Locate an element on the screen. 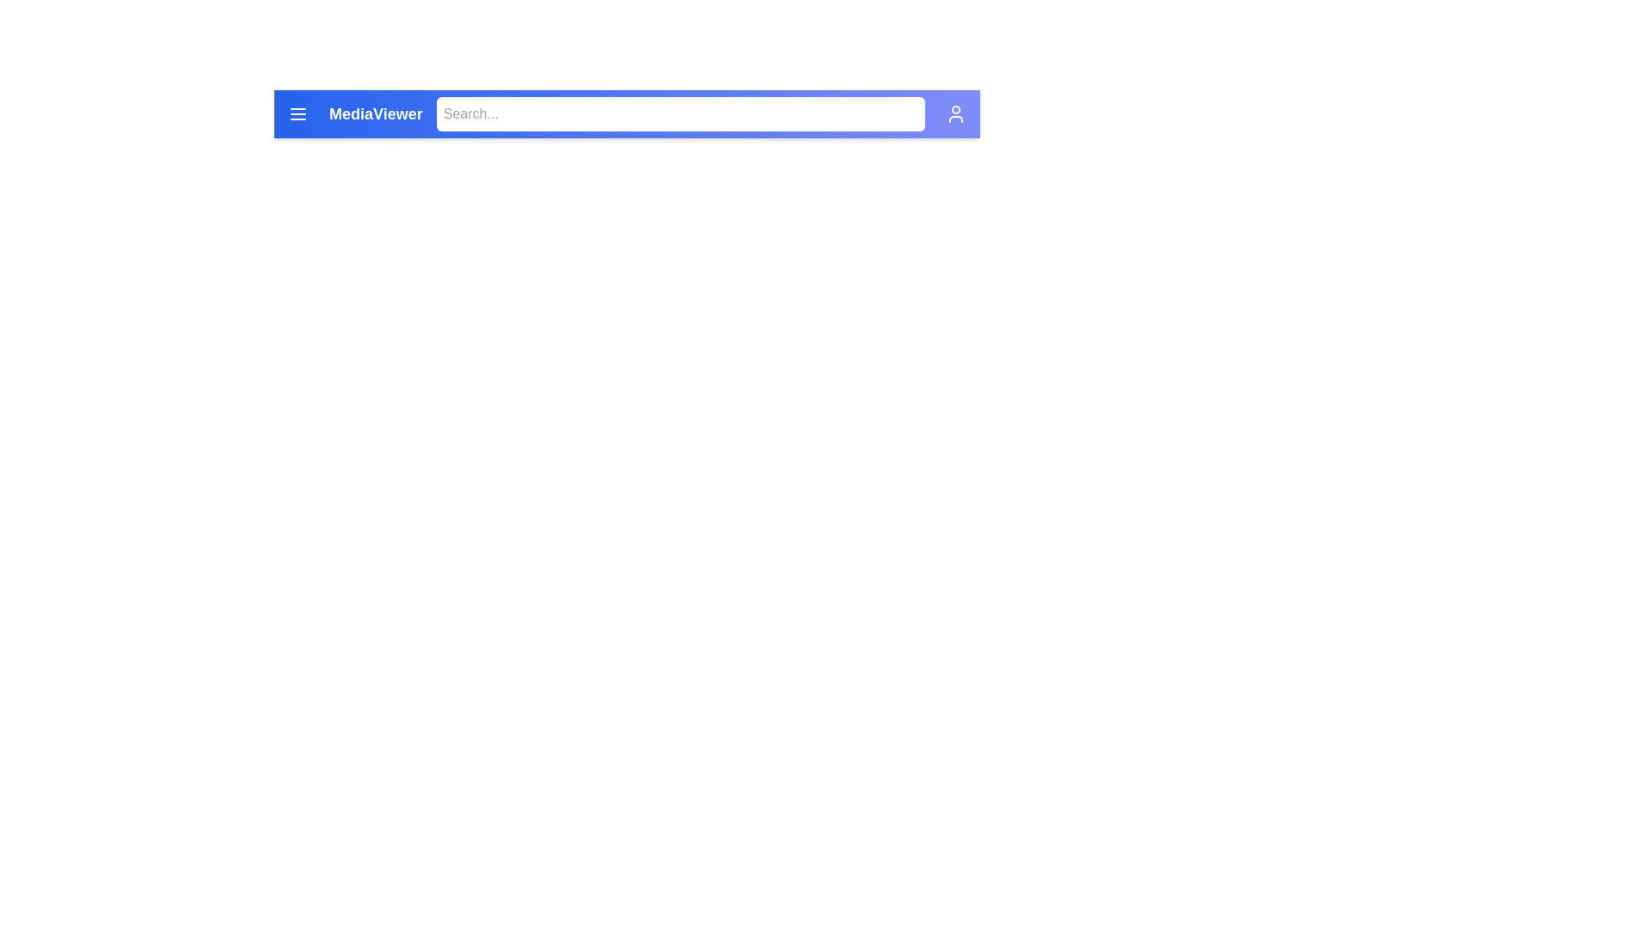 The width and height of the screenshot is (1651, 928). the 'MediaViewer' text label displayed in the navigation header at the top of the page, which indicates the purpose or identity of the interface is located at coordinates (375, 113).